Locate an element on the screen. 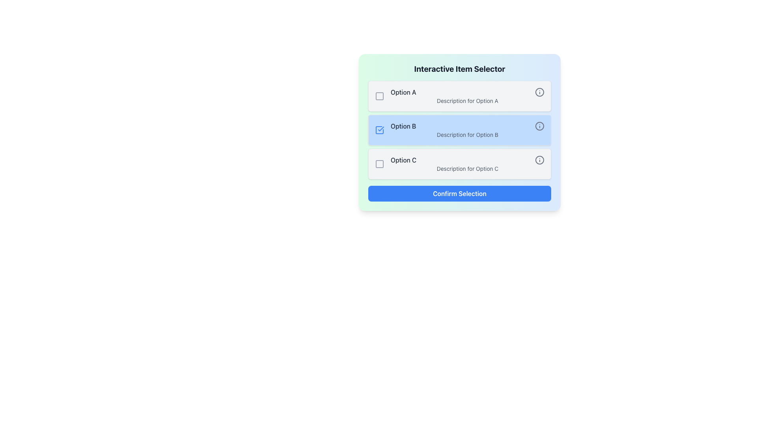 The width and height of the screenshot is (757, 426). the 'Option C' selection element, which includes the text styled in medium-weight font and dark gray color along with an info icon on the right side, located in the selector panel is located at coordinates (467, 160).